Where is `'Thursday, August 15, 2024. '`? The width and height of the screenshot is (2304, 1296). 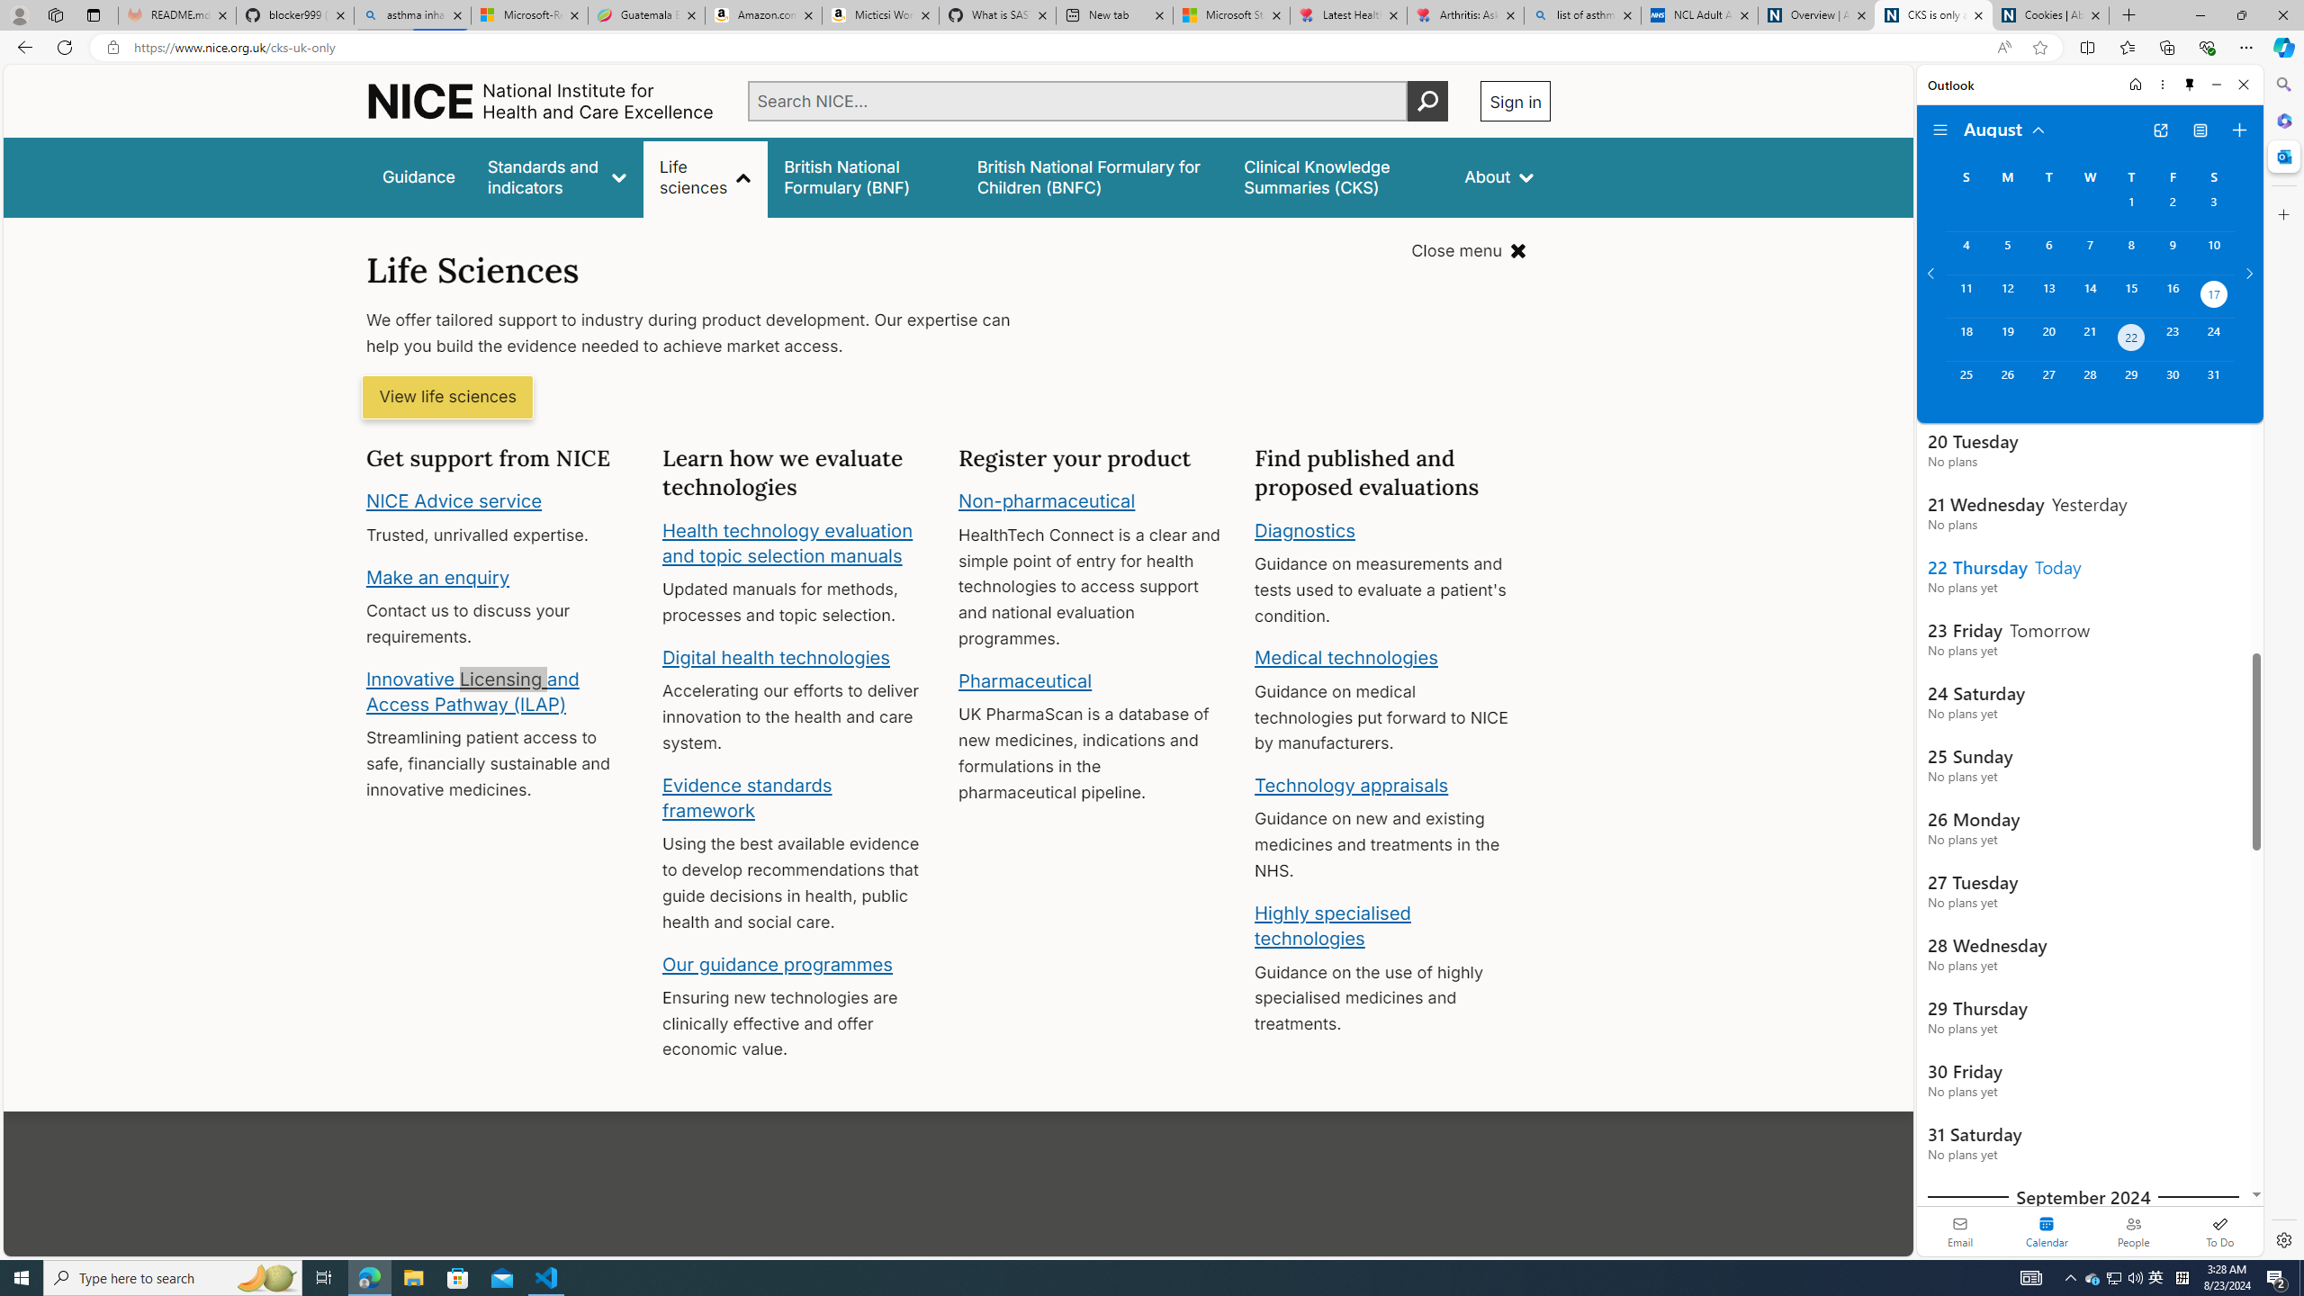 'Thursday, August 15, 2024. ' is located at coordinates (2131, 296).